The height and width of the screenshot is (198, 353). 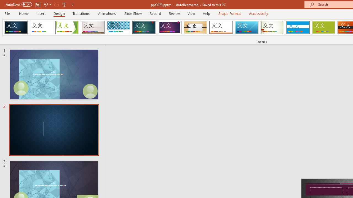 I want to click on 'AutoSave', so click(x=19, y=4).